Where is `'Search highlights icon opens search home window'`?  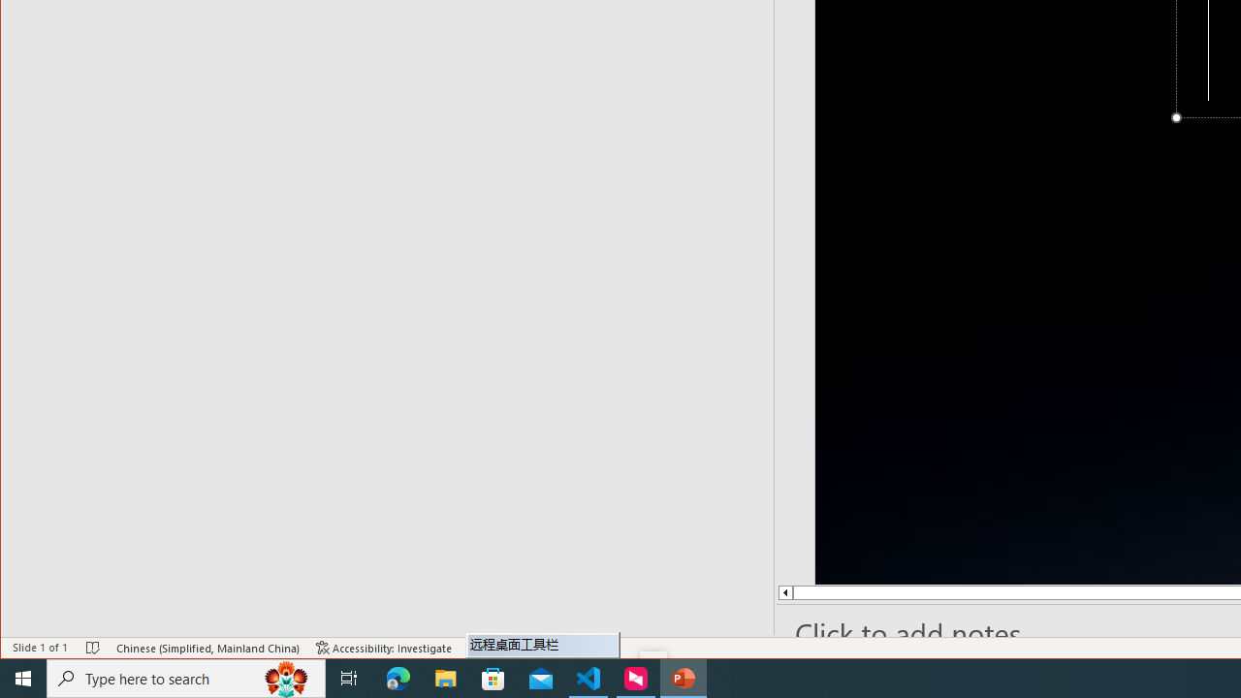
'Search highlights icon opens search home window' is located at coordinates (285, 677).